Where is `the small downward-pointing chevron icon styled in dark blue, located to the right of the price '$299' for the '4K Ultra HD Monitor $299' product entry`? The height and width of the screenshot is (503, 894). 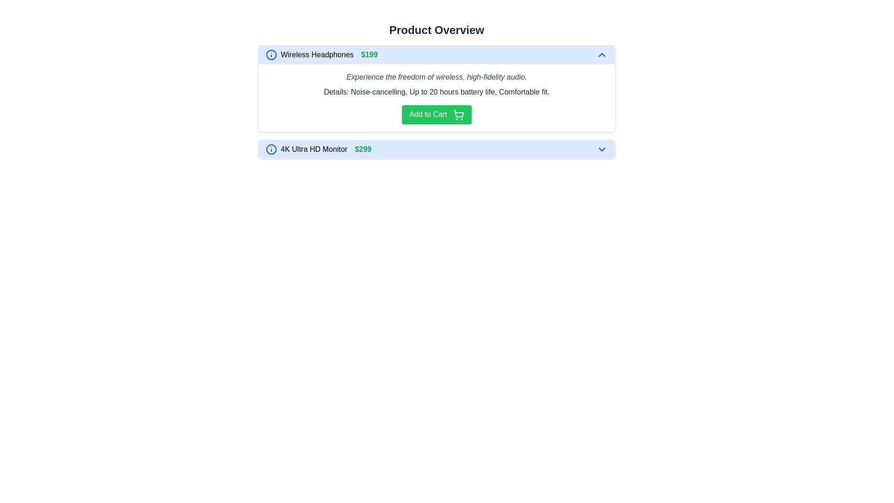 the small downward-pointing chevron icon styled in dark blue, located to the right of the price '$299' for the '4K Ultra HD Monitor $299' product entry is located at coordinates (602, 149).